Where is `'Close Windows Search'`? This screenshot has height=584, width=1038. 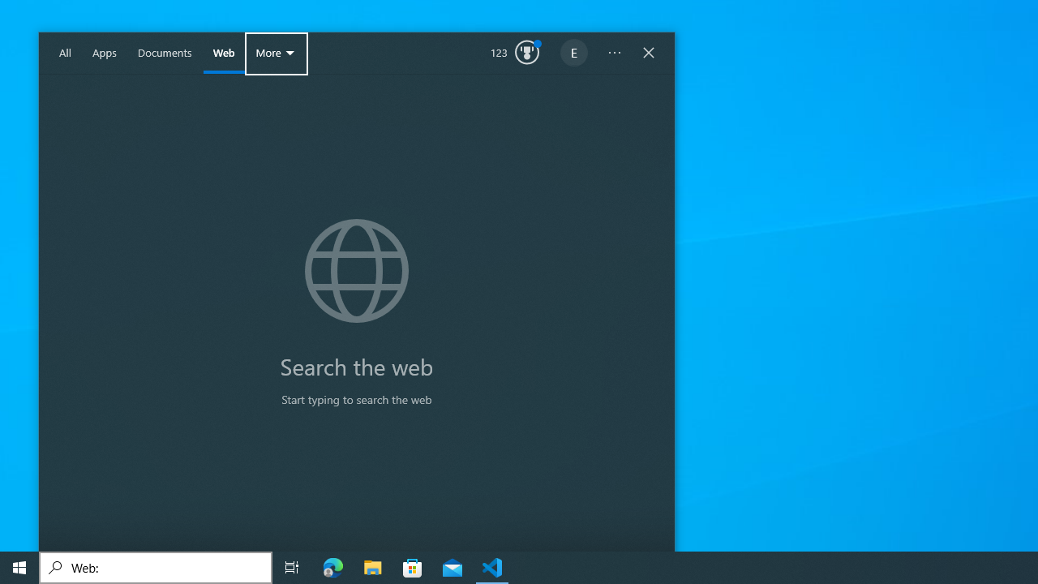 'Close Windows Search' is located at coordinates (649, 53).